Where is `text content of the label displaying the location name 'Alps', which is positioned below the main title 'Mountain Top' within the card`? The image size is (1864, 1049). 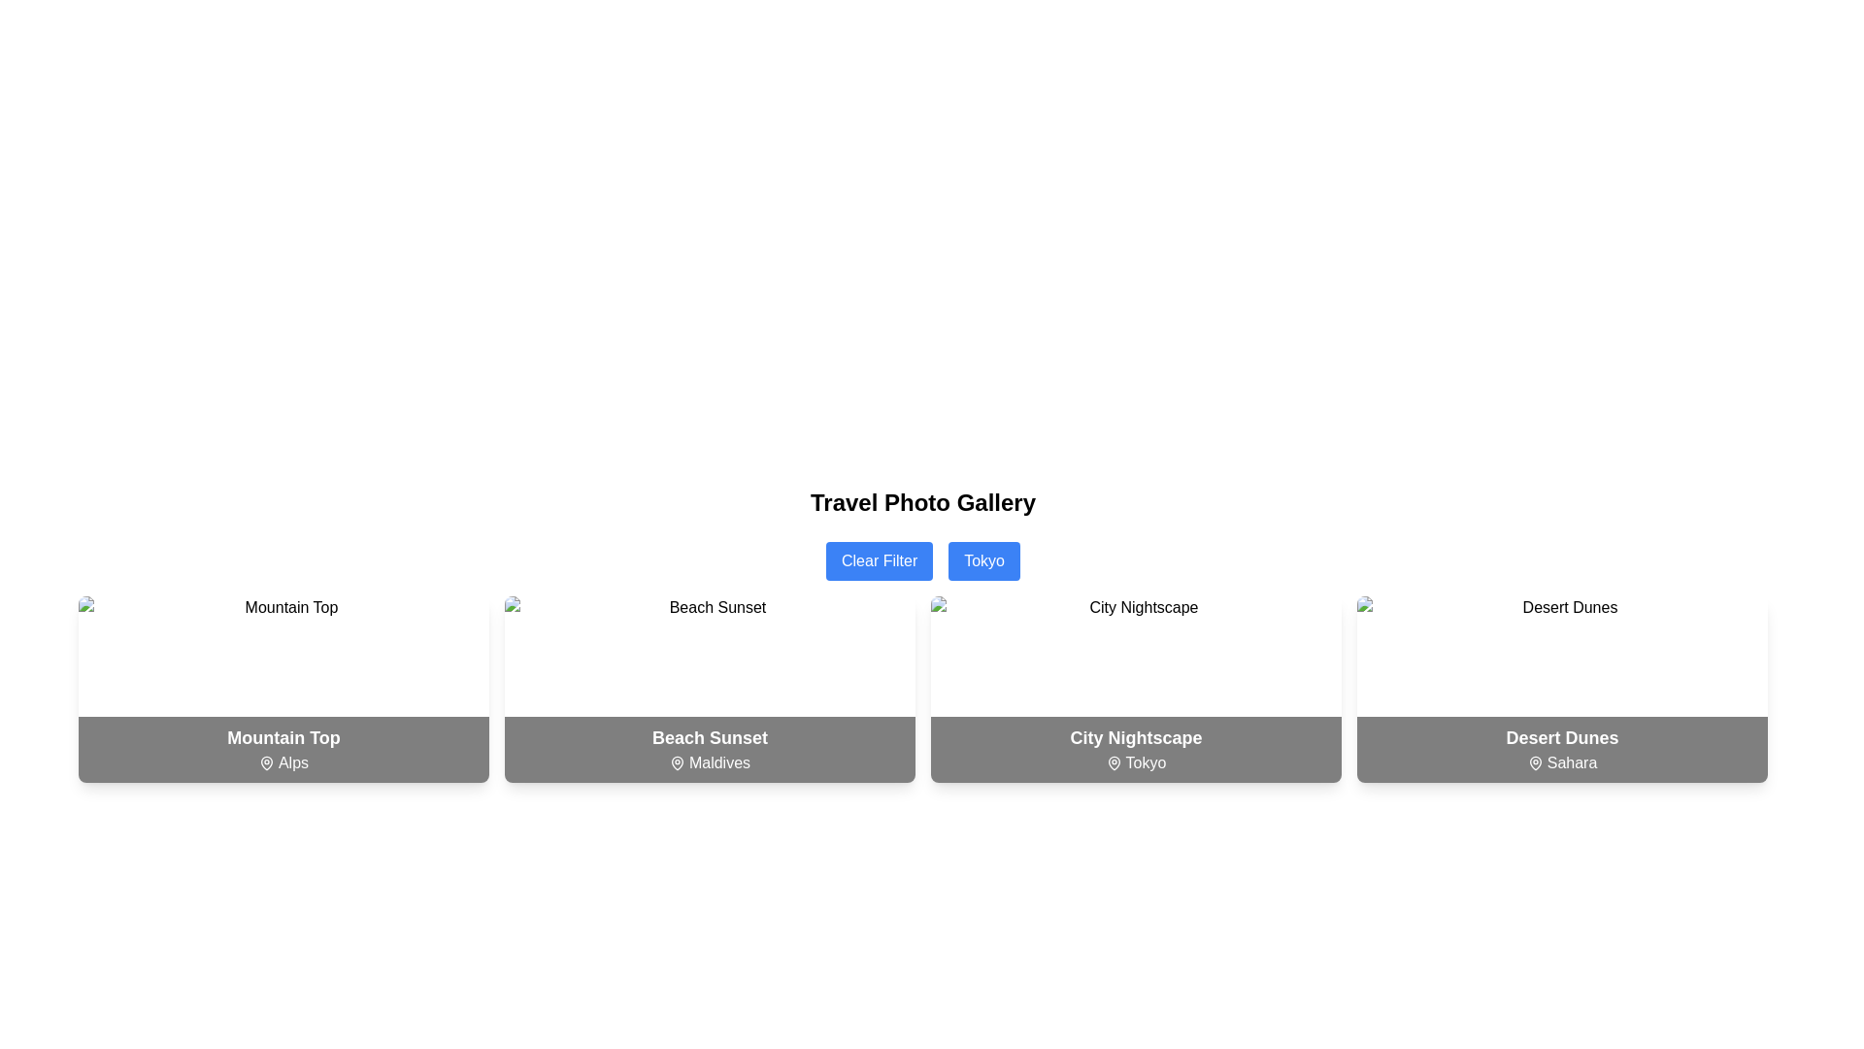 text content of the label displaying the location name 'Alps', which is positioned below the main title 'Mountain Top' within the card is located at coordinates (283, 762).